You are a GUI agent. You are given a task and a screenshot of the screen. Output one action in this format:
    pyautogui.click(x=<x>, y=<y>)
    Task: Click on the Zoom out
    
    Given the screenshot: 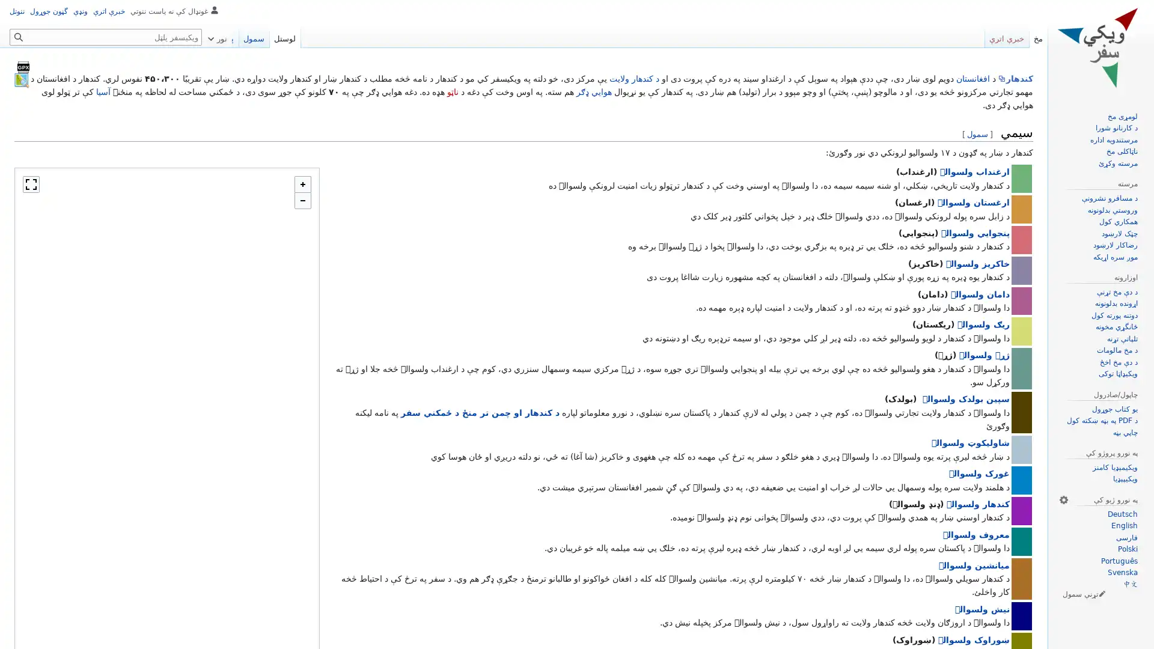 What is the action you would take?
    pyautogui.click(x=303, y=200)
    